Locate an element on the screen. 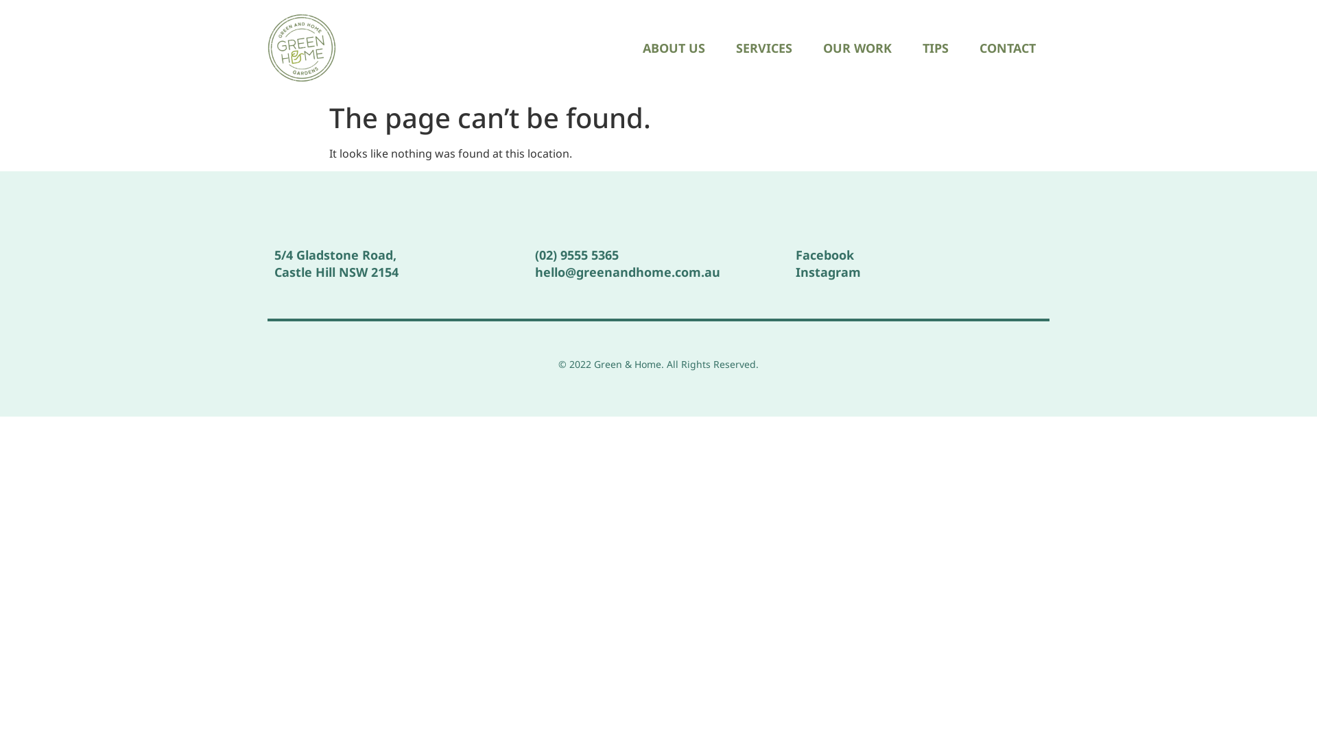  '(02) 9555 5365' is located at coordinates (576, 254).